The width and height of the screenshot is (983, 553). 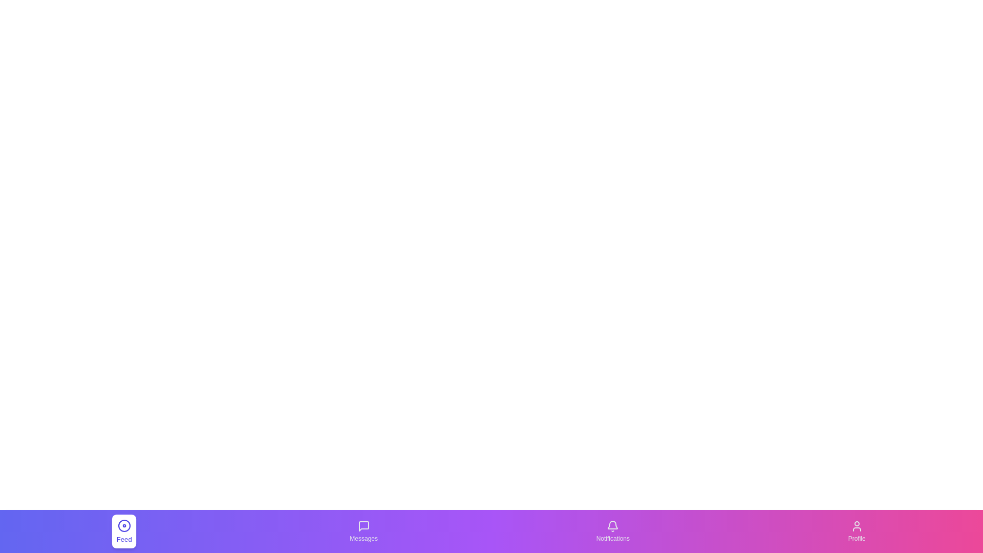 What do you see at coordinates (857, 530) in the screenshot?
I see `the Profile tab by clicking on the respective tab button` at bounding box center [857, 530].